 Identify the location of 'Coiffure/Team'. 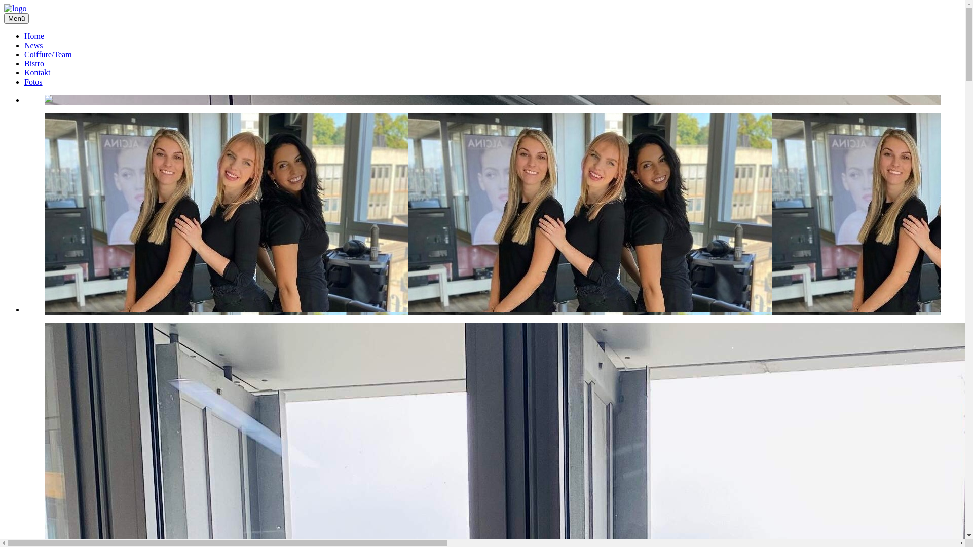
(24, 54).